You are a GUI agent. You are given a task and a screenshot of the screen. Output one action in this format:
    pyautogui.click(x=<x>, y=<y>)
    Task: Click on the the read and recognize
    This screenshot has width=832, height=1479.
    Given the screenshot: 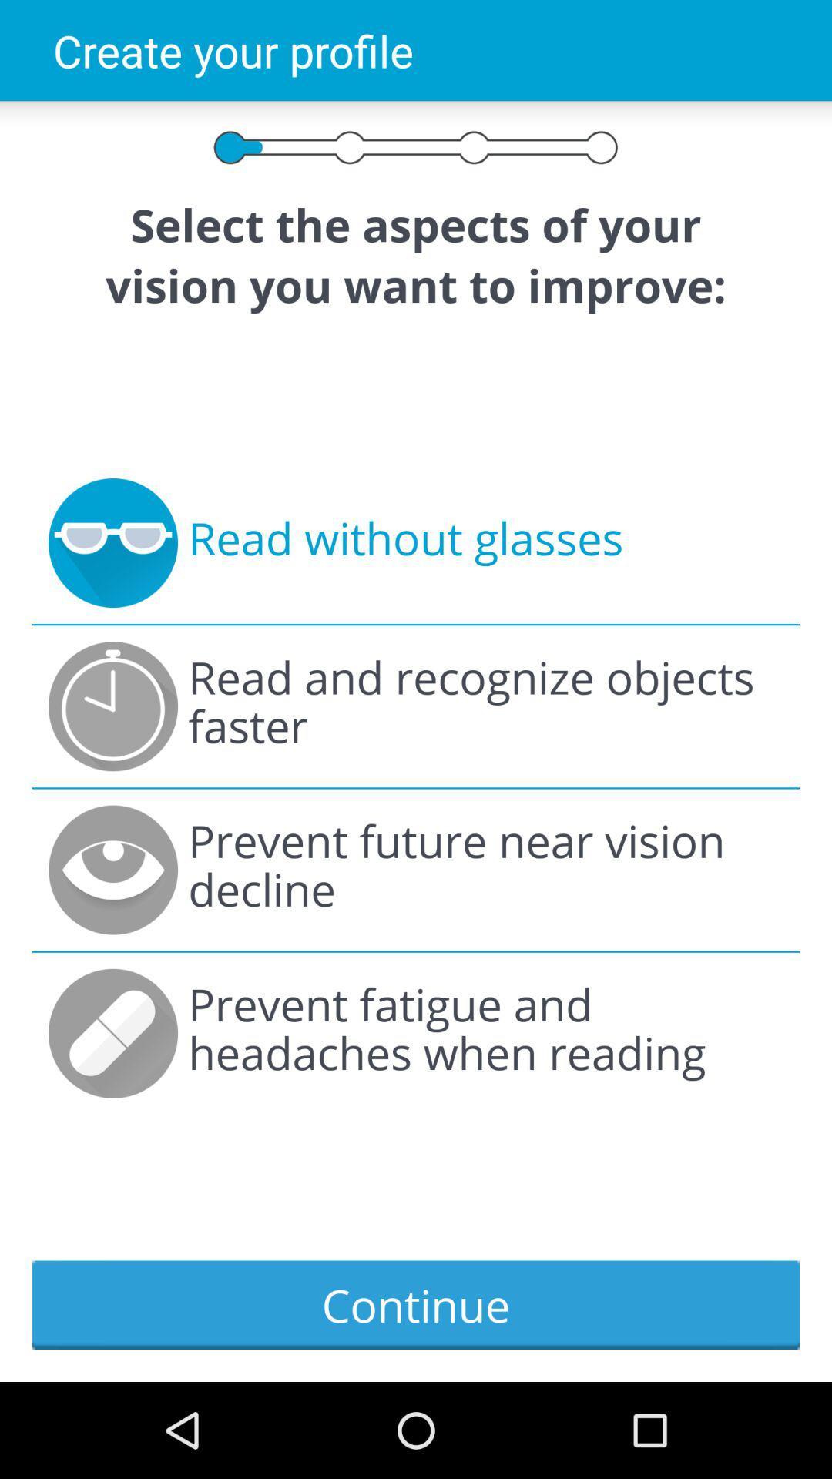 What is the action you would take?
    pyautogui.click(x=485, y=706)
    